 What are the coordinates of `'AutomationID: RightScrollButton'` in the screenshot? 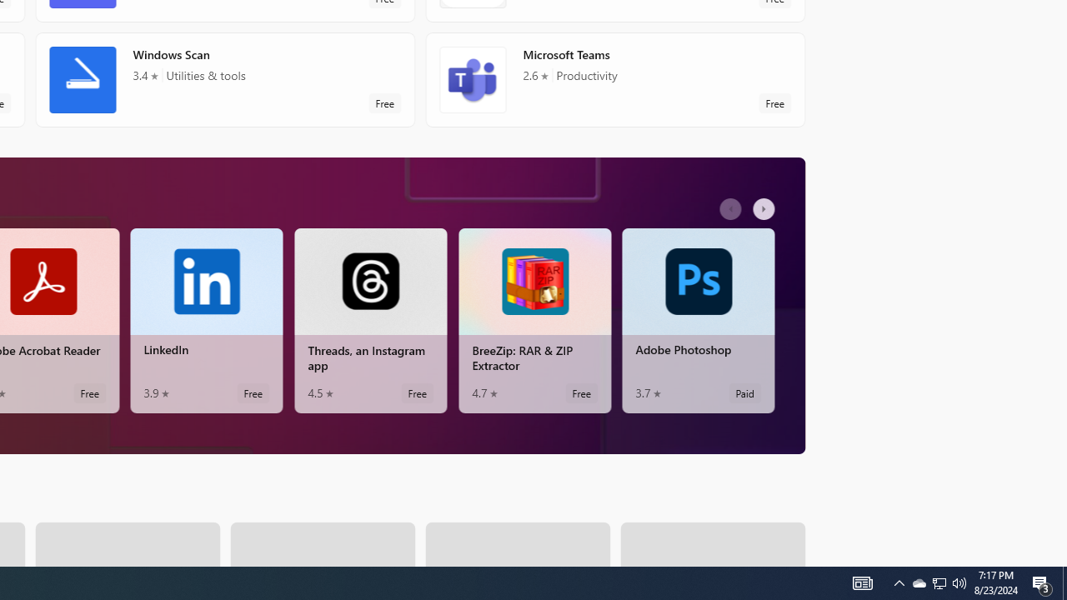 It's located at (765, 207).